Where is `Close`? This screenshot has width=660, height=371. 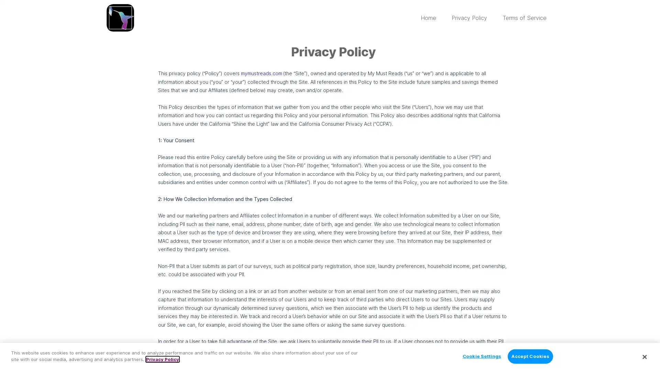 Close is located at coordinates (644, 356).